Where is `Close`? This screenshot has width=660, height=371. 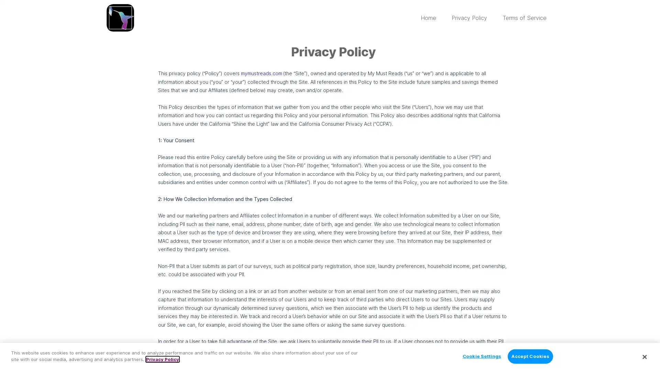 Close is located at coordinates (644, 356).